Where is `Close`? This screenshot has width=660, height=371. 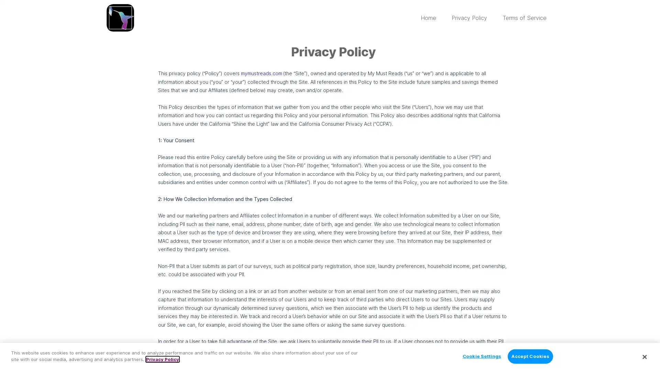 Close is located at coordinates (644, 356).